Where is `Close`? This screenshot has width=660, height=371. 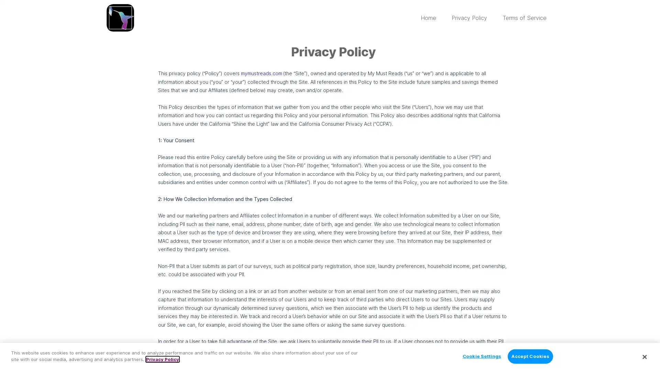 Close is located at coordinates (644, 356).